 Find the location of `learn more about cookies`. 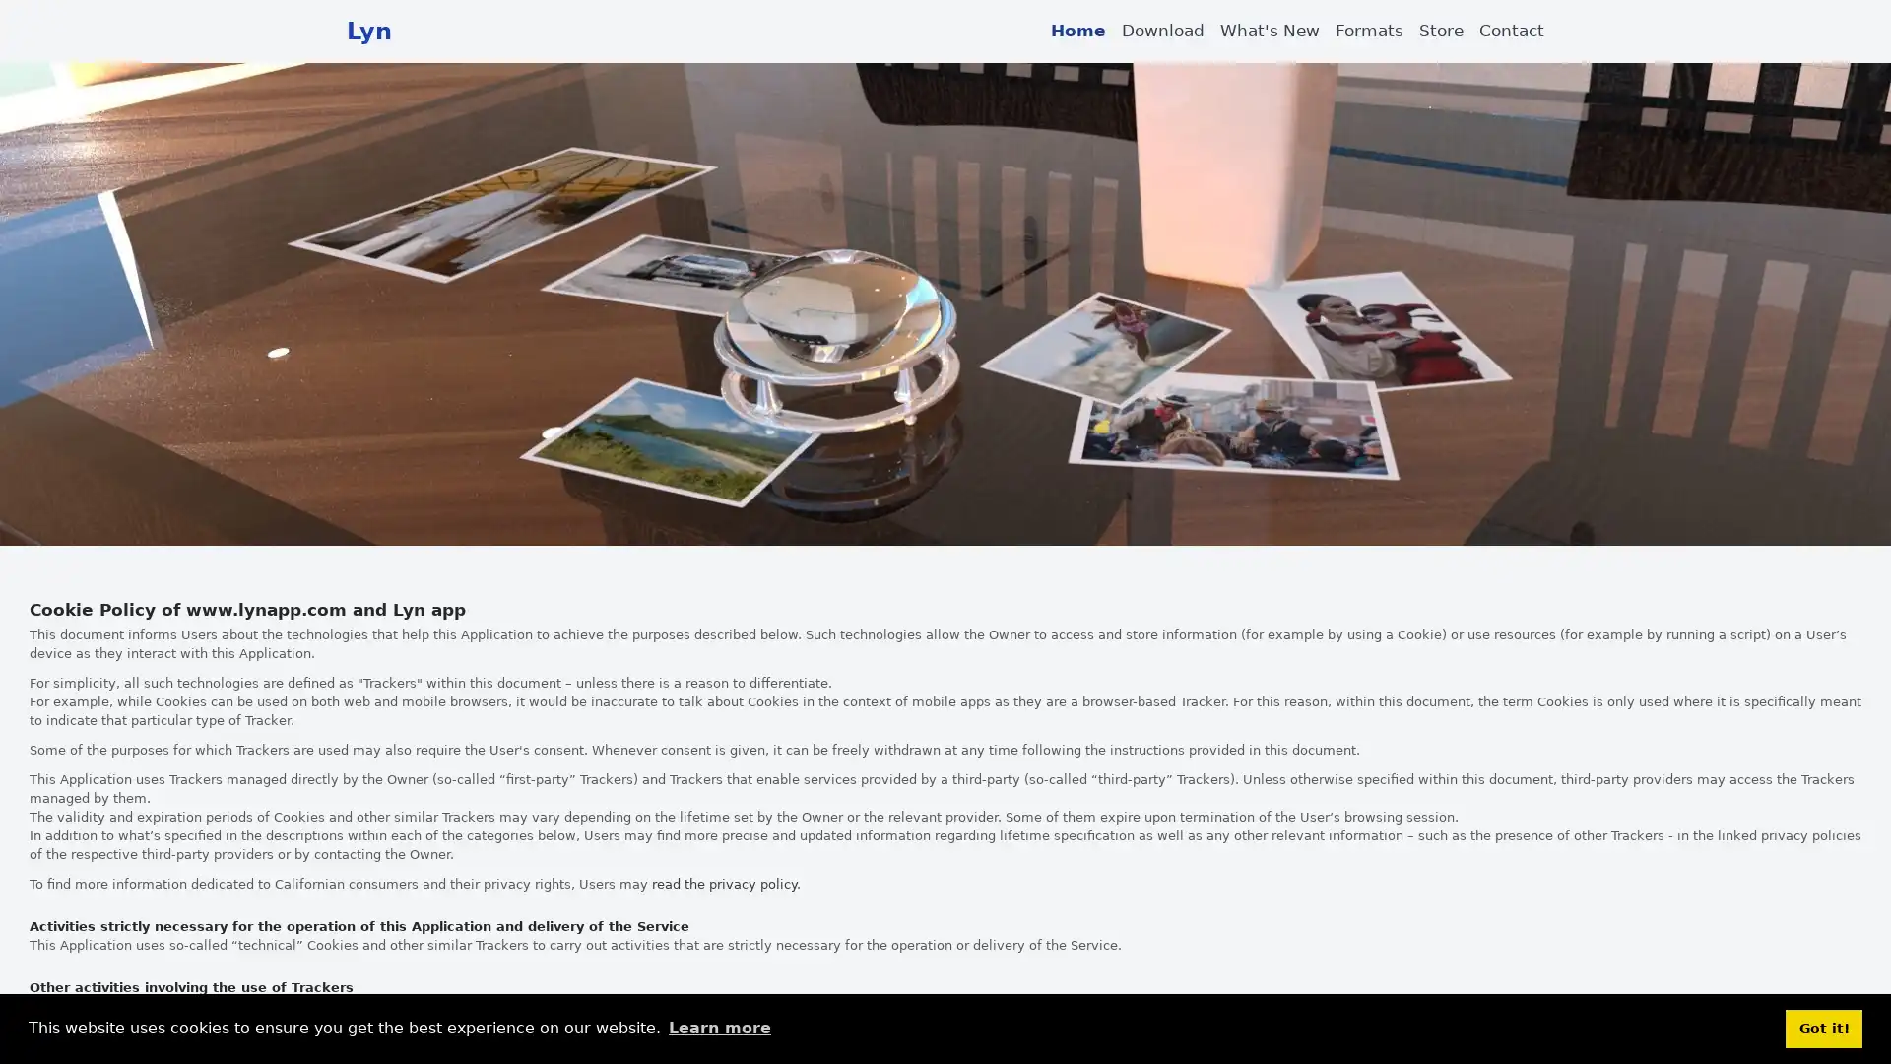

learn more about cookies is located at coordinates (718, 1028).